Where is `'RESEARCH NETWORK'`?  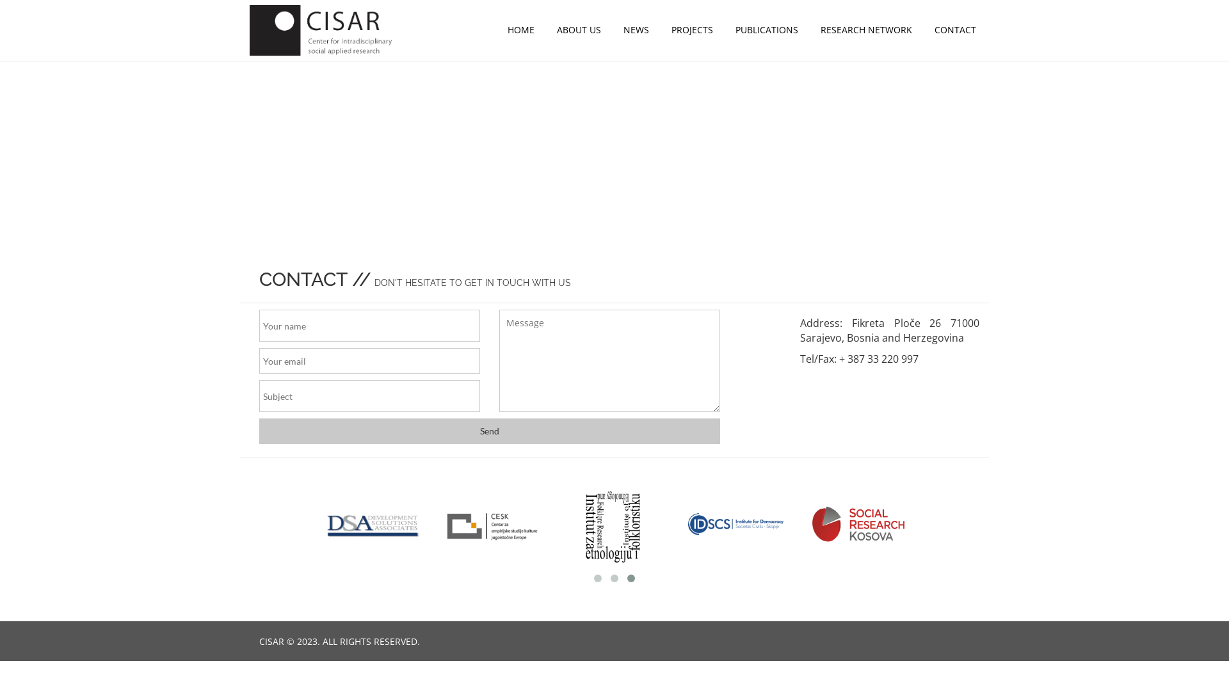
'RESEARCH NETWORK' is located at coordinates (810, 29).